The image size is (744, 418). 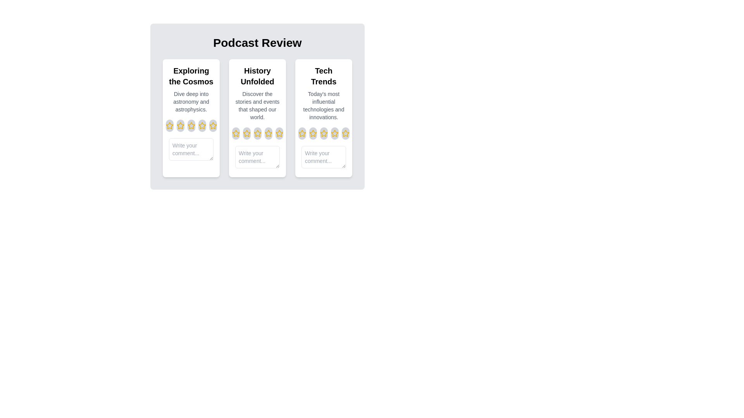 What do you see at coordinates (180, 125) in the screenshot?
I see `the rating for an episode to 2 stars by clicking on the corresponding star` at bounding box center [180, 125].